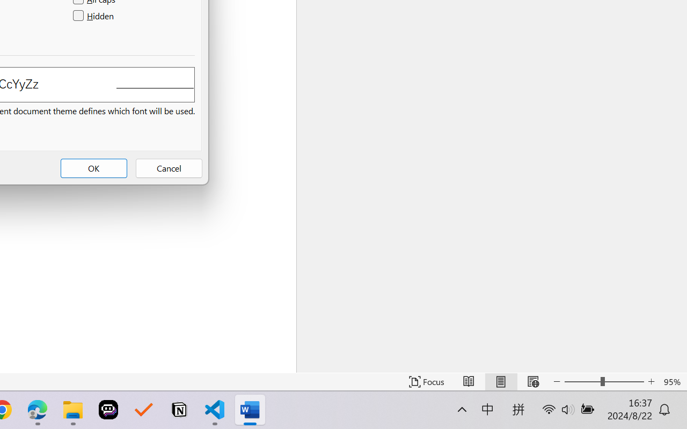 This screenshot has width=687, height=429. What do you see at coordinates (672, 381) in the screenshot?
I see `'Zoom 95%'` at bounding box center [672, 381].